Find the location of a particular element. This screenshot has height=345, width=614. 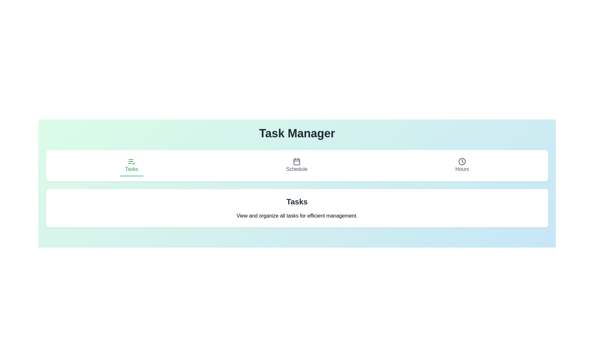

the leftmost button is located at coordinates (131, 165).